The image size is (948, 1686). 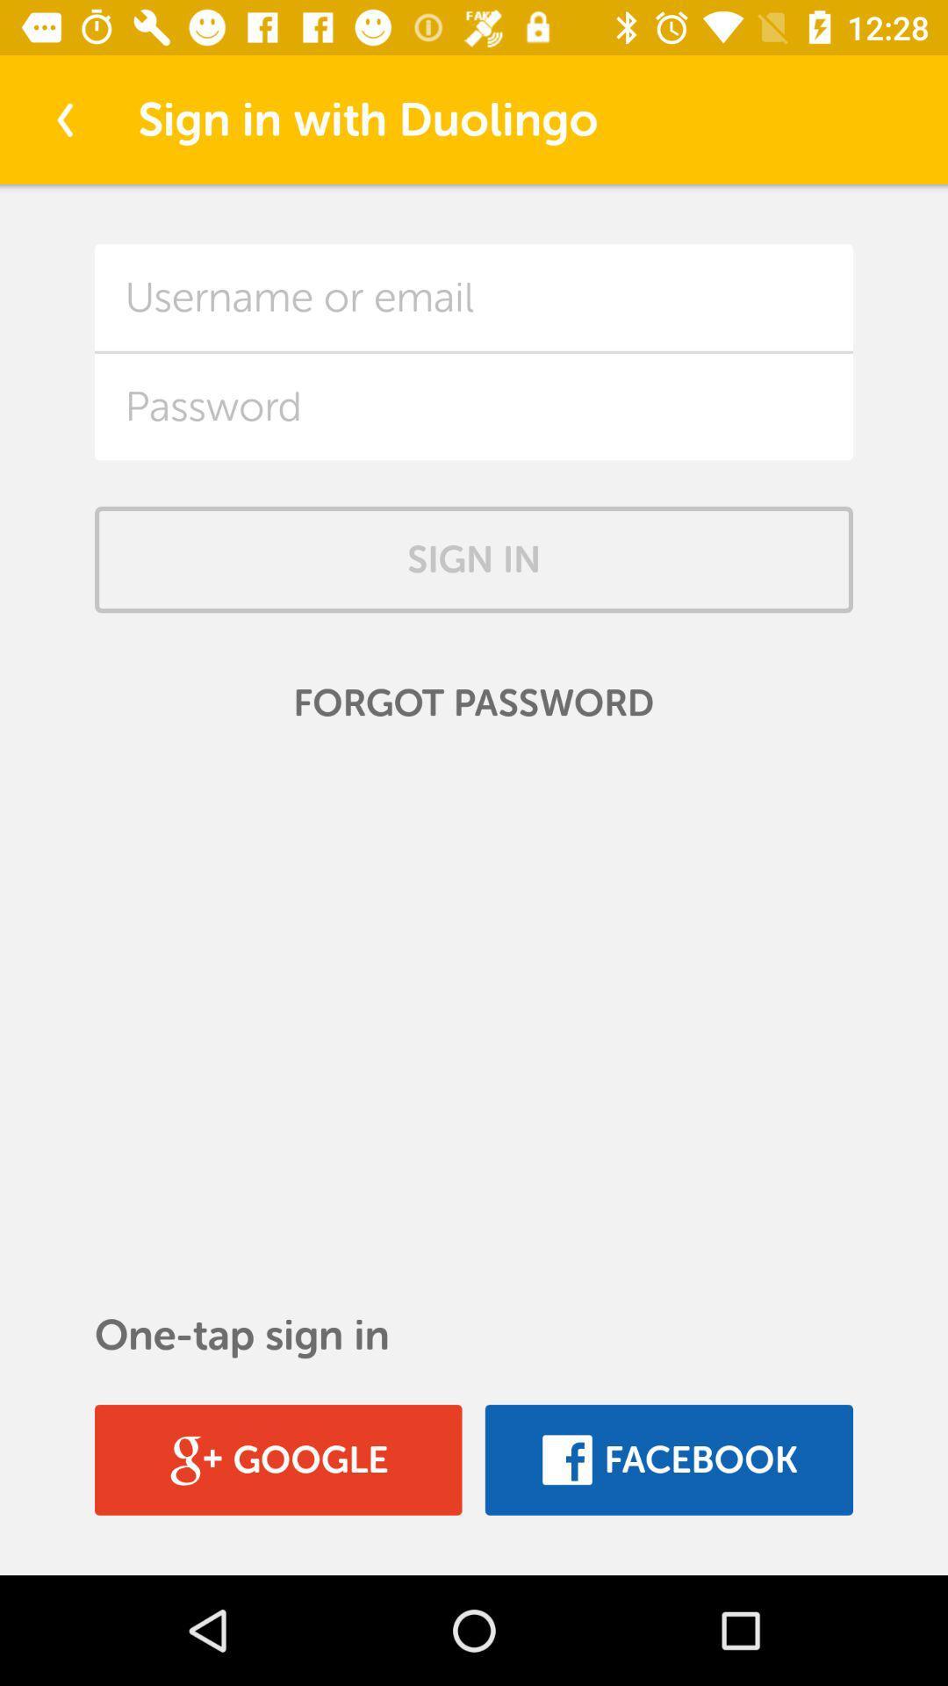 I want to click on field to input password, so click(x=474, y=406).